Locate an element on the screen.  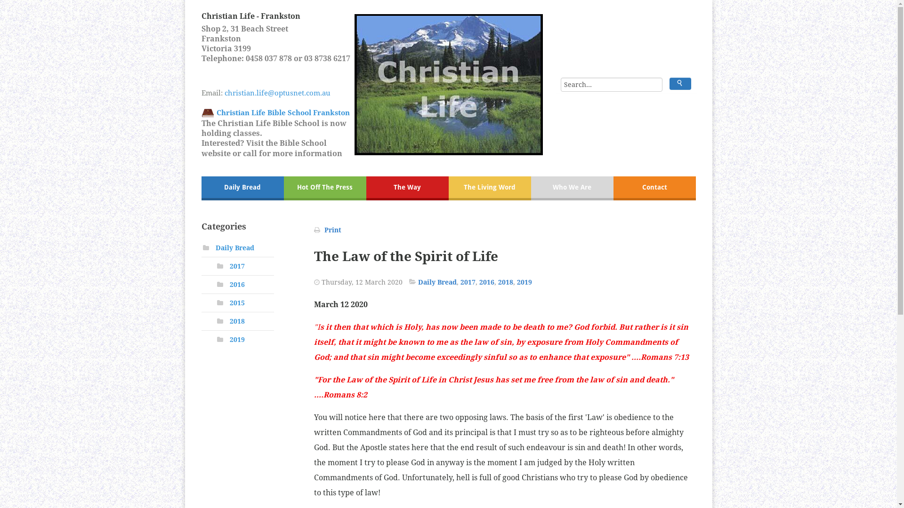
'2017' is located at coordinates (237, 266).